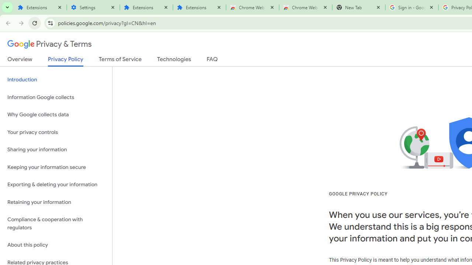 This screenshot has height=265, width=472. What do you see at coordinates (56, 202) in the screenshot?
I see `'Retaining your information'` at bounding box center [56, 202].